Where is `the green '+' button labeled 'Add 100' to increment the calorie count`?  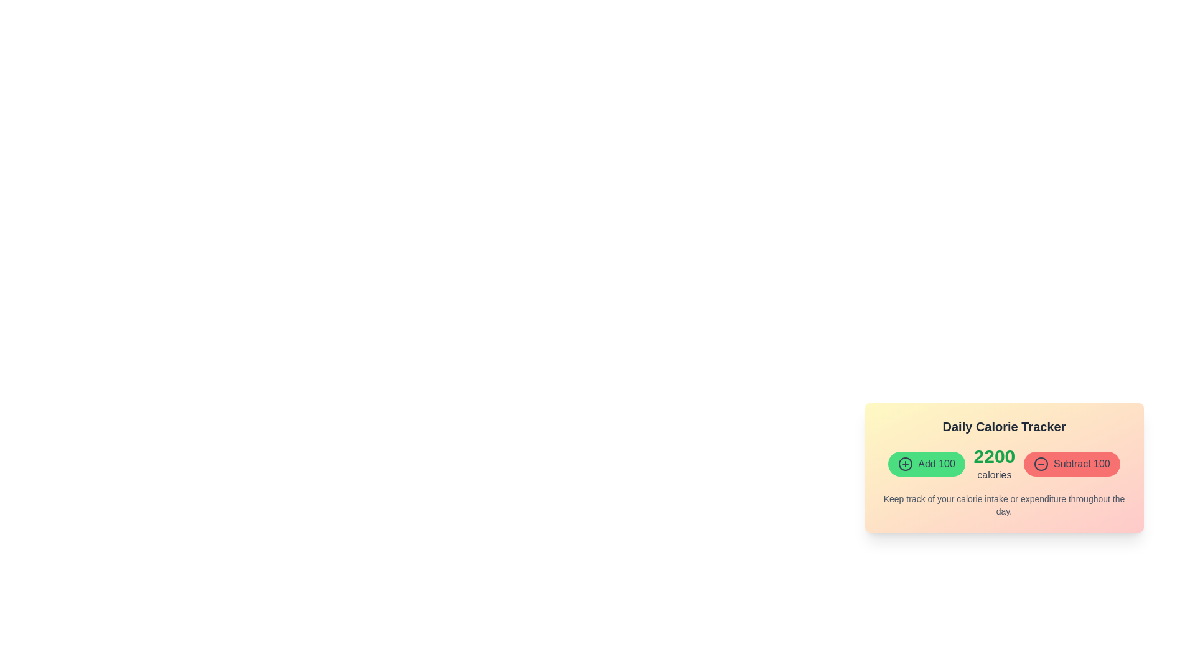 the green '+' button labeled 'Add 100' to increment the calorie count is located at coordinates (926, 464).